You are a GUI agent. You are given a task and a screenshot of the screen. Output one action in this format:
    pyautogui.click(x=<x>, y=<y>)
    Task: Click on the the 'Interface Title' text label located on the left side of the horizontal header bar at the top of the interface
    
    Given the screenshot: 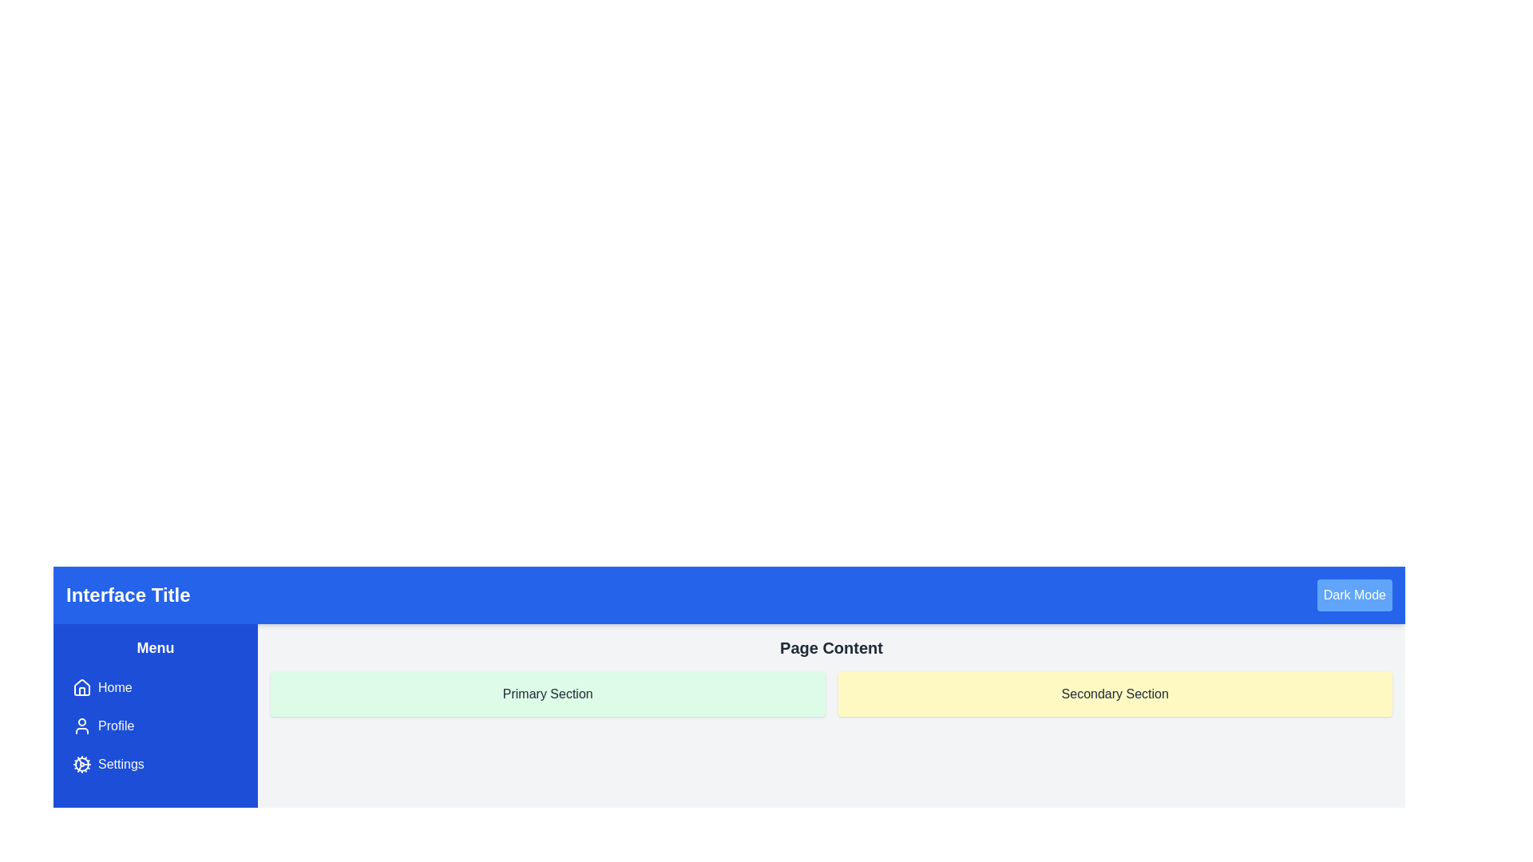 What is the action you would take?
    pyautogui.click(x=128, y=595)
    